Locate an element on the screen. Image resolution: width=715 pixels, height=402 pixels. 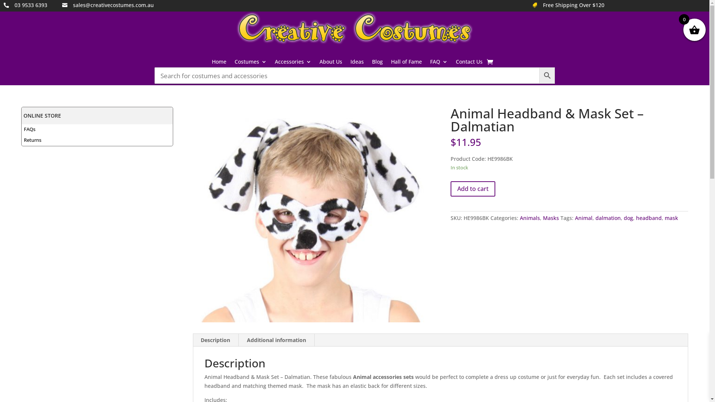
'Description' is located at coordinates (215, 340).